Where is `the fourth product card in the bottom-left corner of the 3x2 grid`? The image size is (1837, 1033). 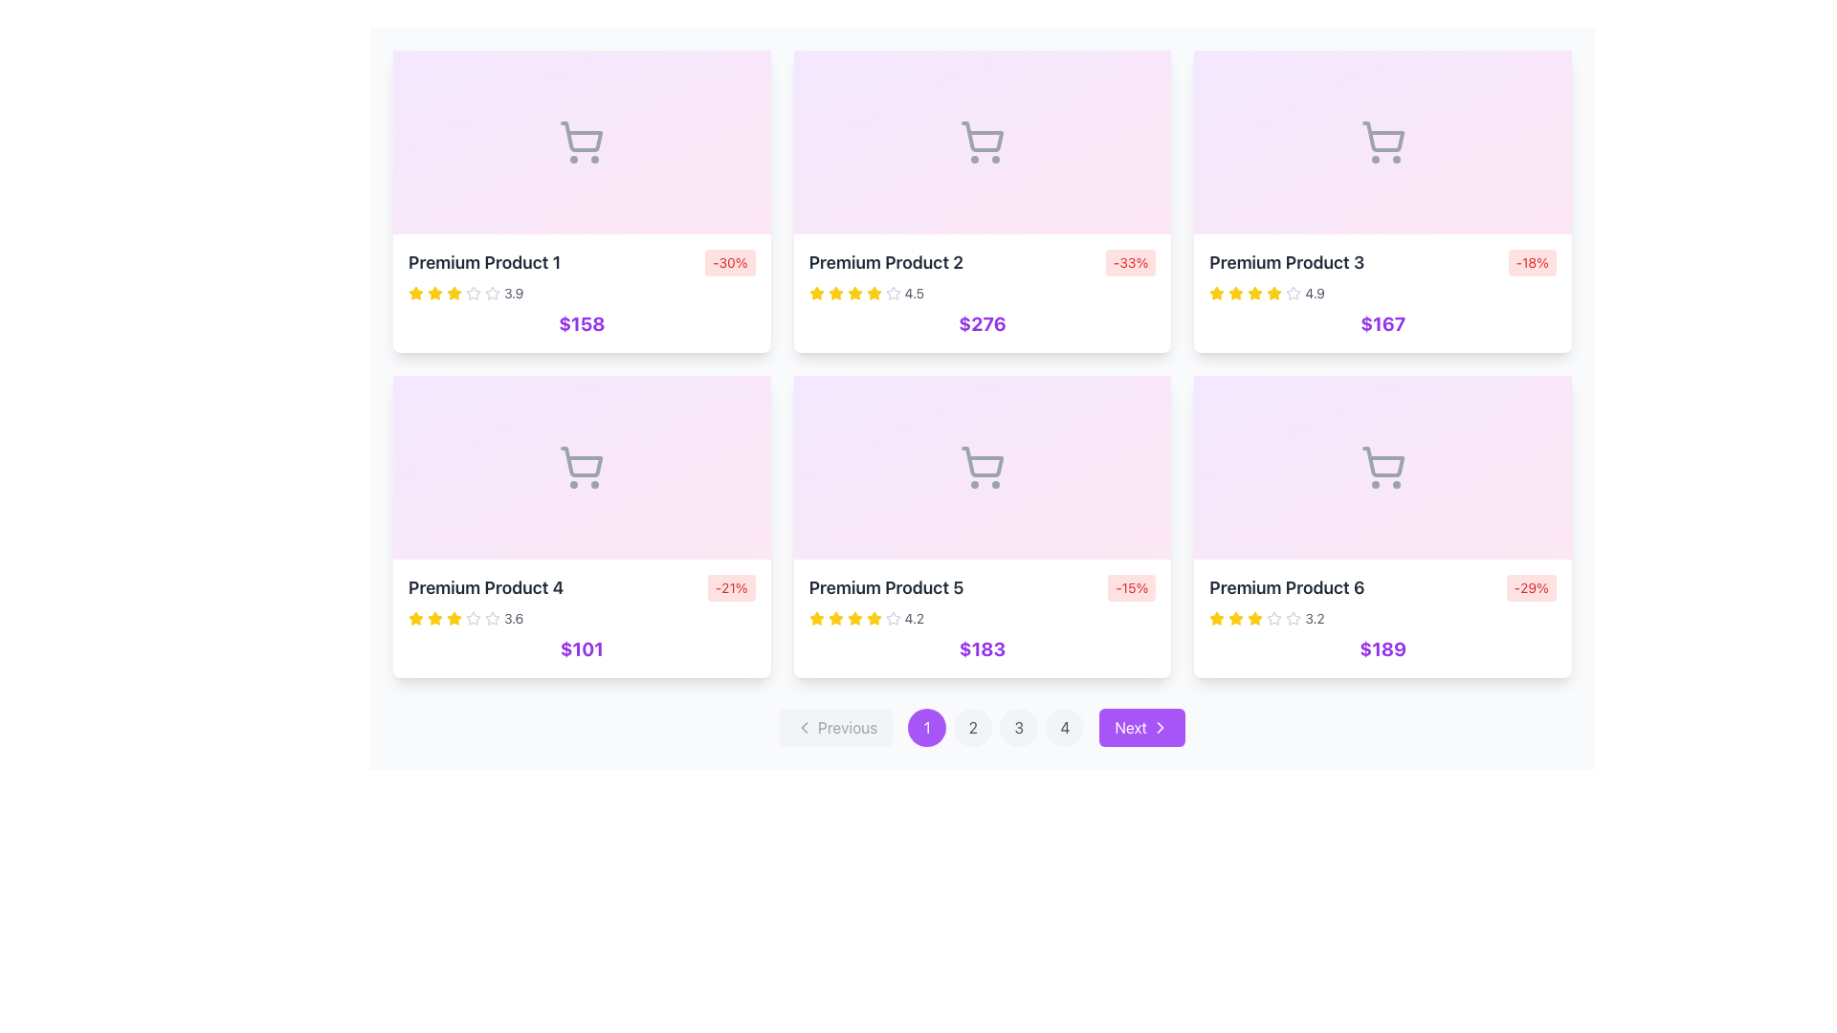
the fourth product card in the bottom-left corner of the 3x2 grid is located at coordinates (581, 619).